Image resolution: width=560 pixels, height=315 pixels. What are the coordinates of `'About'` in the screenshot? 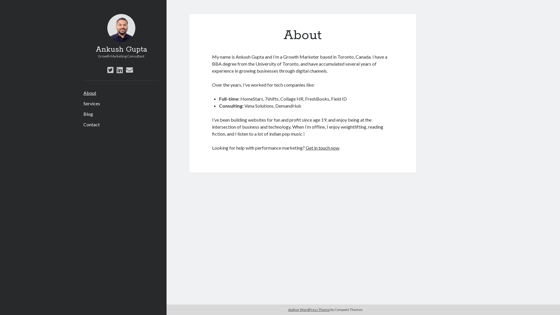 It's located at (89, 93).